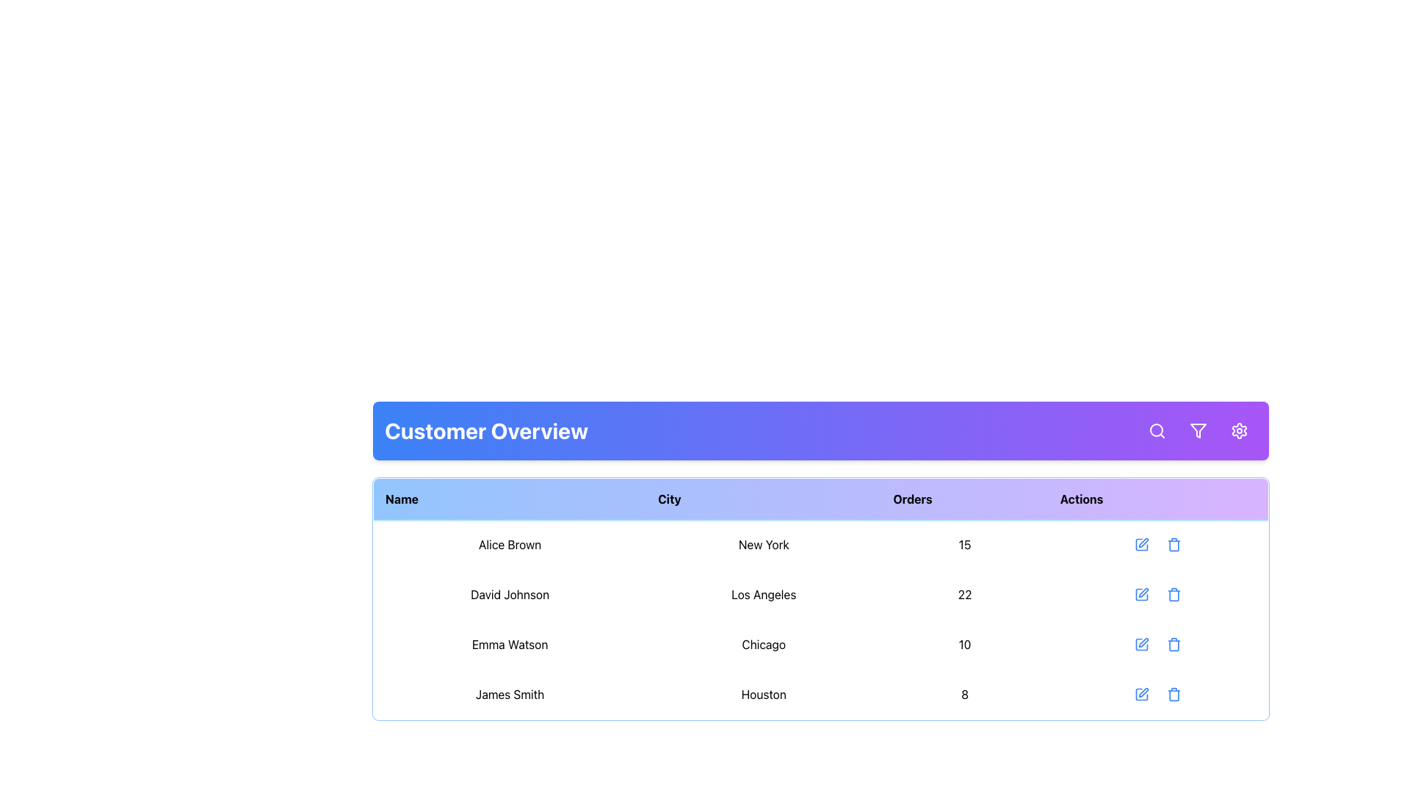 This screenshot has width=1410, height=793. I want to click on the triangular filter icon located in the top-right corner of the interface header to apply or open filter options, so click(1198, 430).